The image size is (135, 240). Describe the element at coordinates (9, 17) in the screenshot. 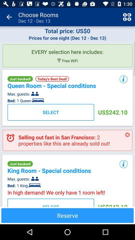

I see `app next to choose rooms dec app` at that location.